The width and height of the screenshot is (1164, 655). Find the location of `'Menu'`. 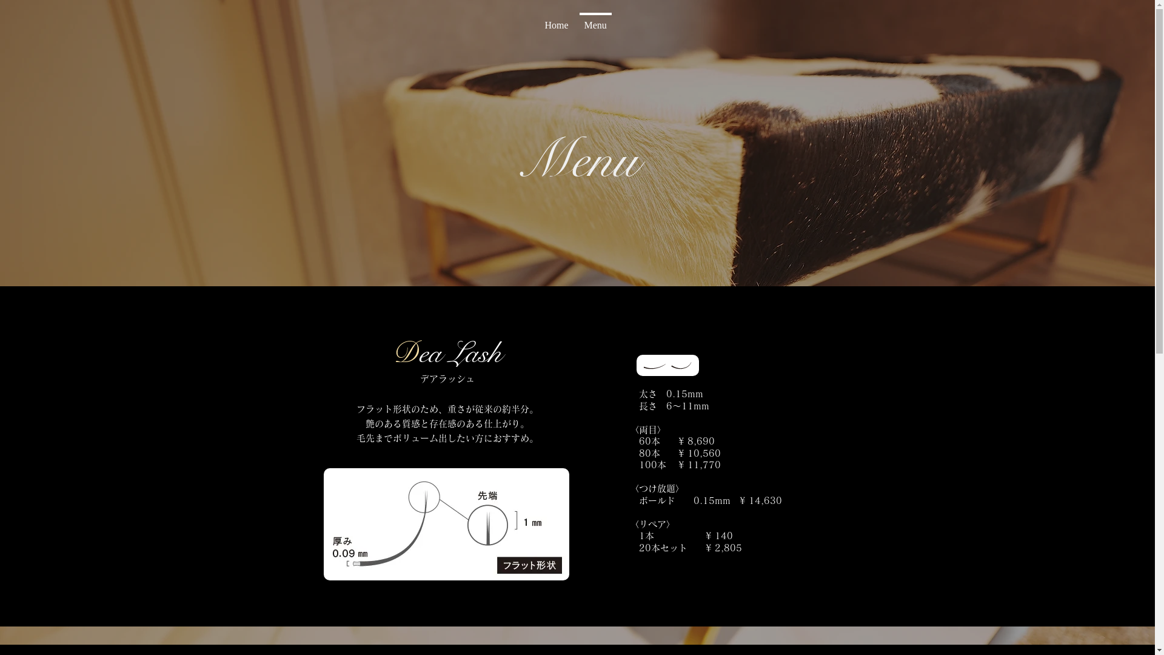

'Menu' is located at coordinates (595, 20).